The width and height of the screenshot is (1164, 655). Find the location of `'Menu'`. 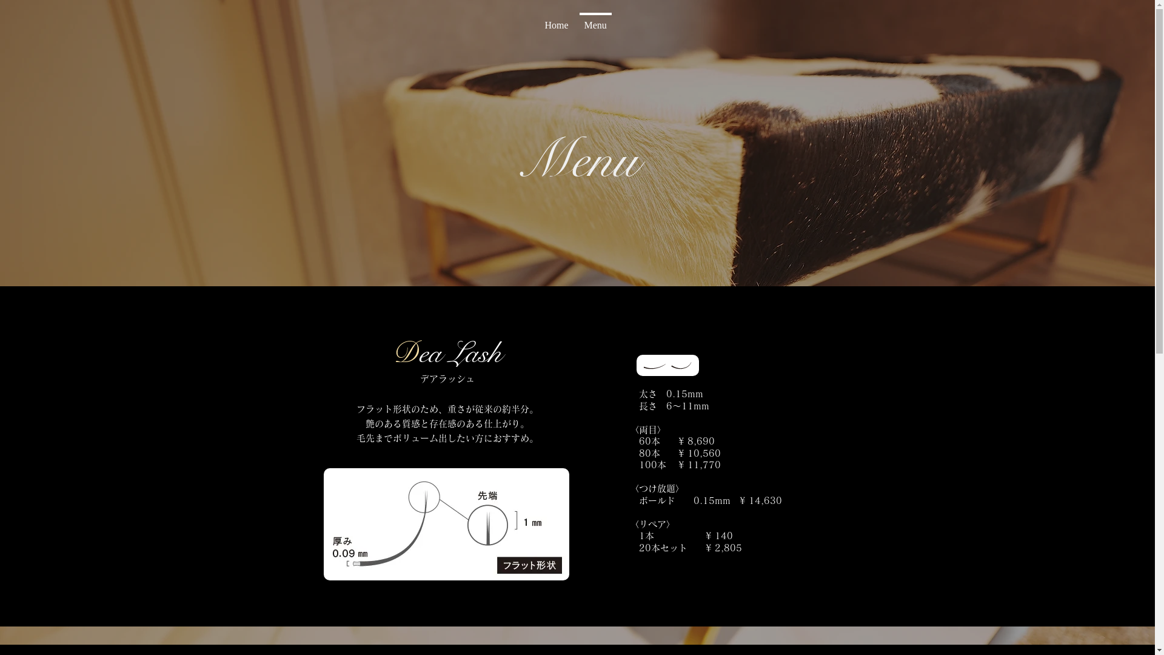

'Menu' is located at coordinates (595, 20).